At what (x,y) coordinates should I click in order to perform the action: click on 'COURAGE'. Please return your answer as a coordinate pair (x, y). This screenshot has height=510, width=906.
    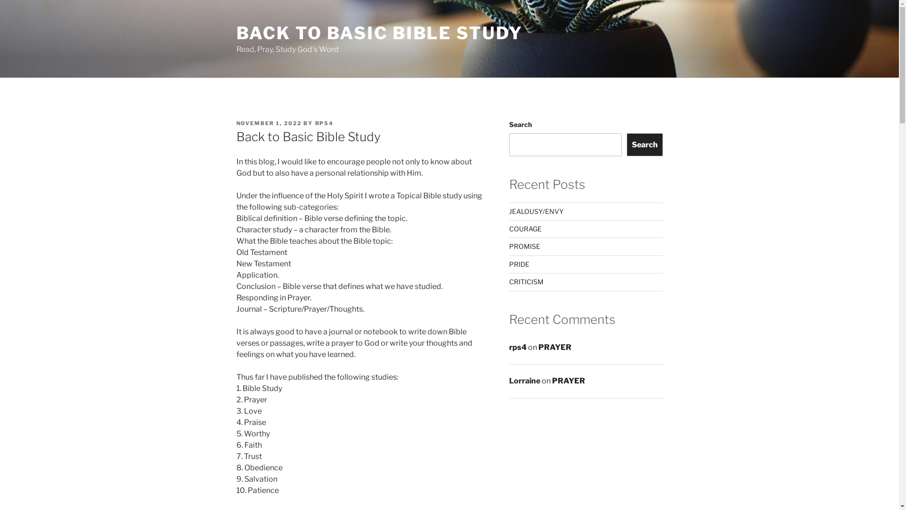
    Looking at the image, I should click on (525, 229).